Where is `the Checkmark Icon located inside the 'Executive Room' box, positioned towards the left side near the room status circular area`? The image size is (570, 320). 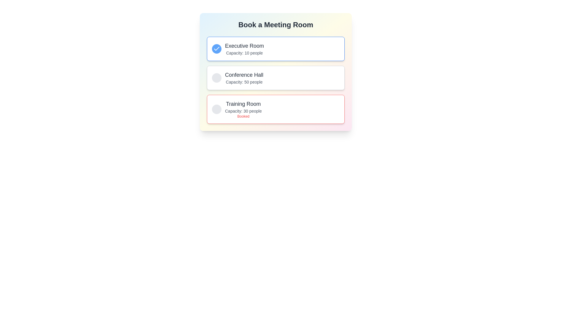
the Checkmark Icon located inside the 'Executive Room' box, positioned towards the left side near the room status circular area is located at coordinates (216, 48).